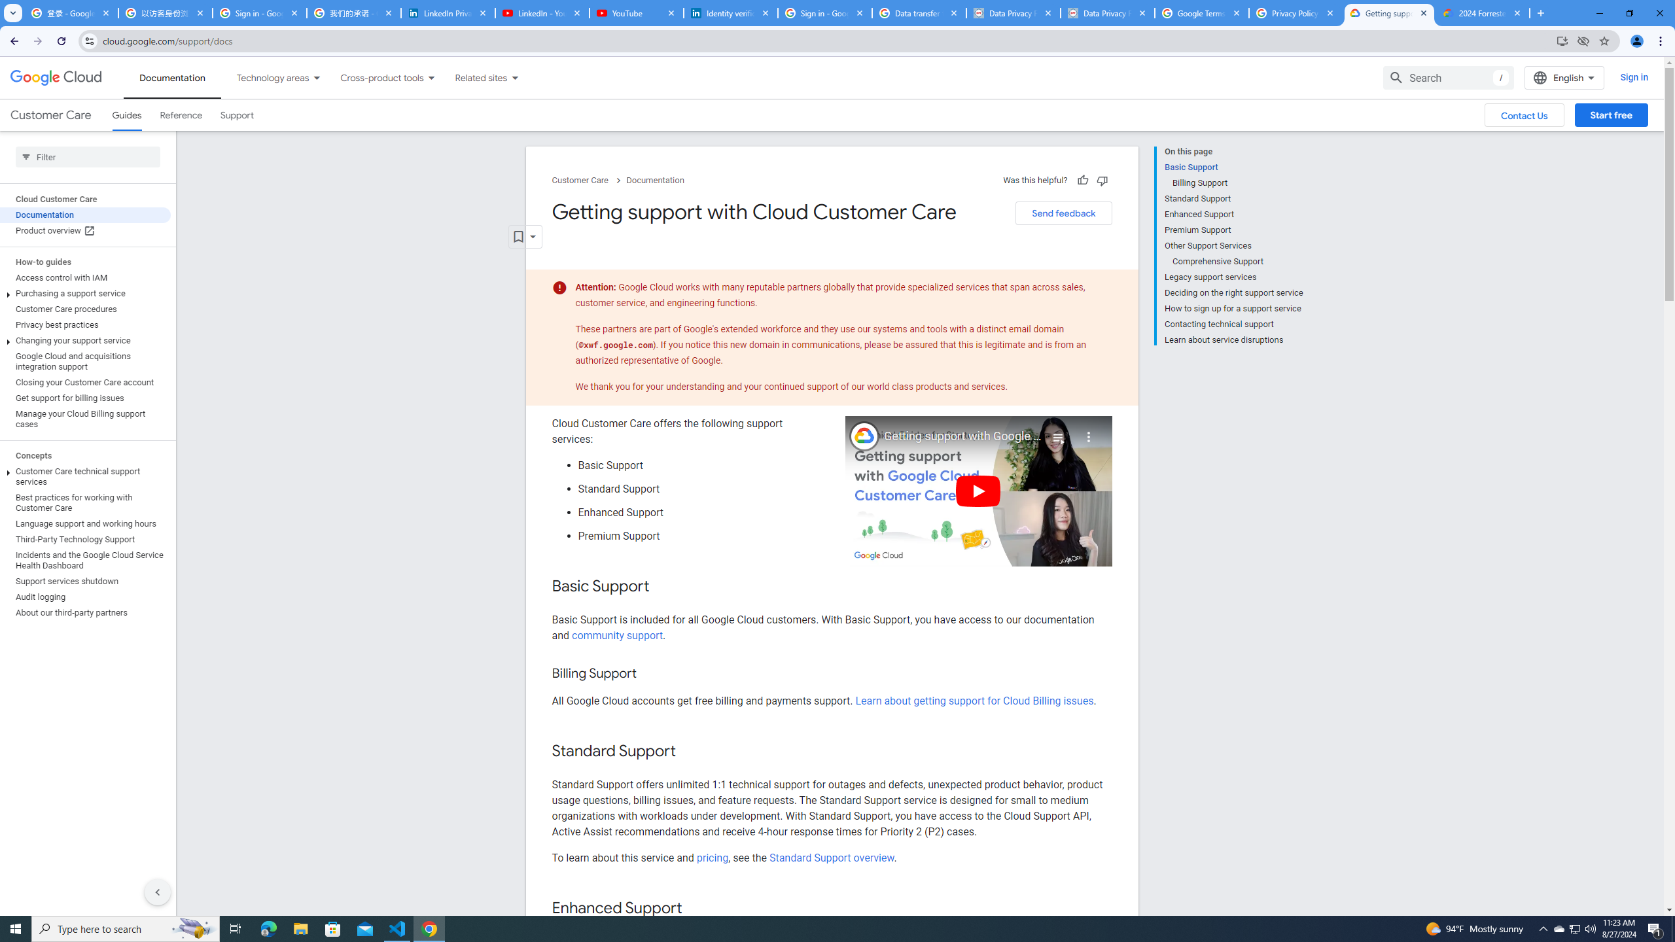 The height and width of the screenshot is (942, 1675). What do you see at coordinates (541, 12) in the screenshot?
I see `'LinkedIn - YouTube'` at bounding box center [541, 12].